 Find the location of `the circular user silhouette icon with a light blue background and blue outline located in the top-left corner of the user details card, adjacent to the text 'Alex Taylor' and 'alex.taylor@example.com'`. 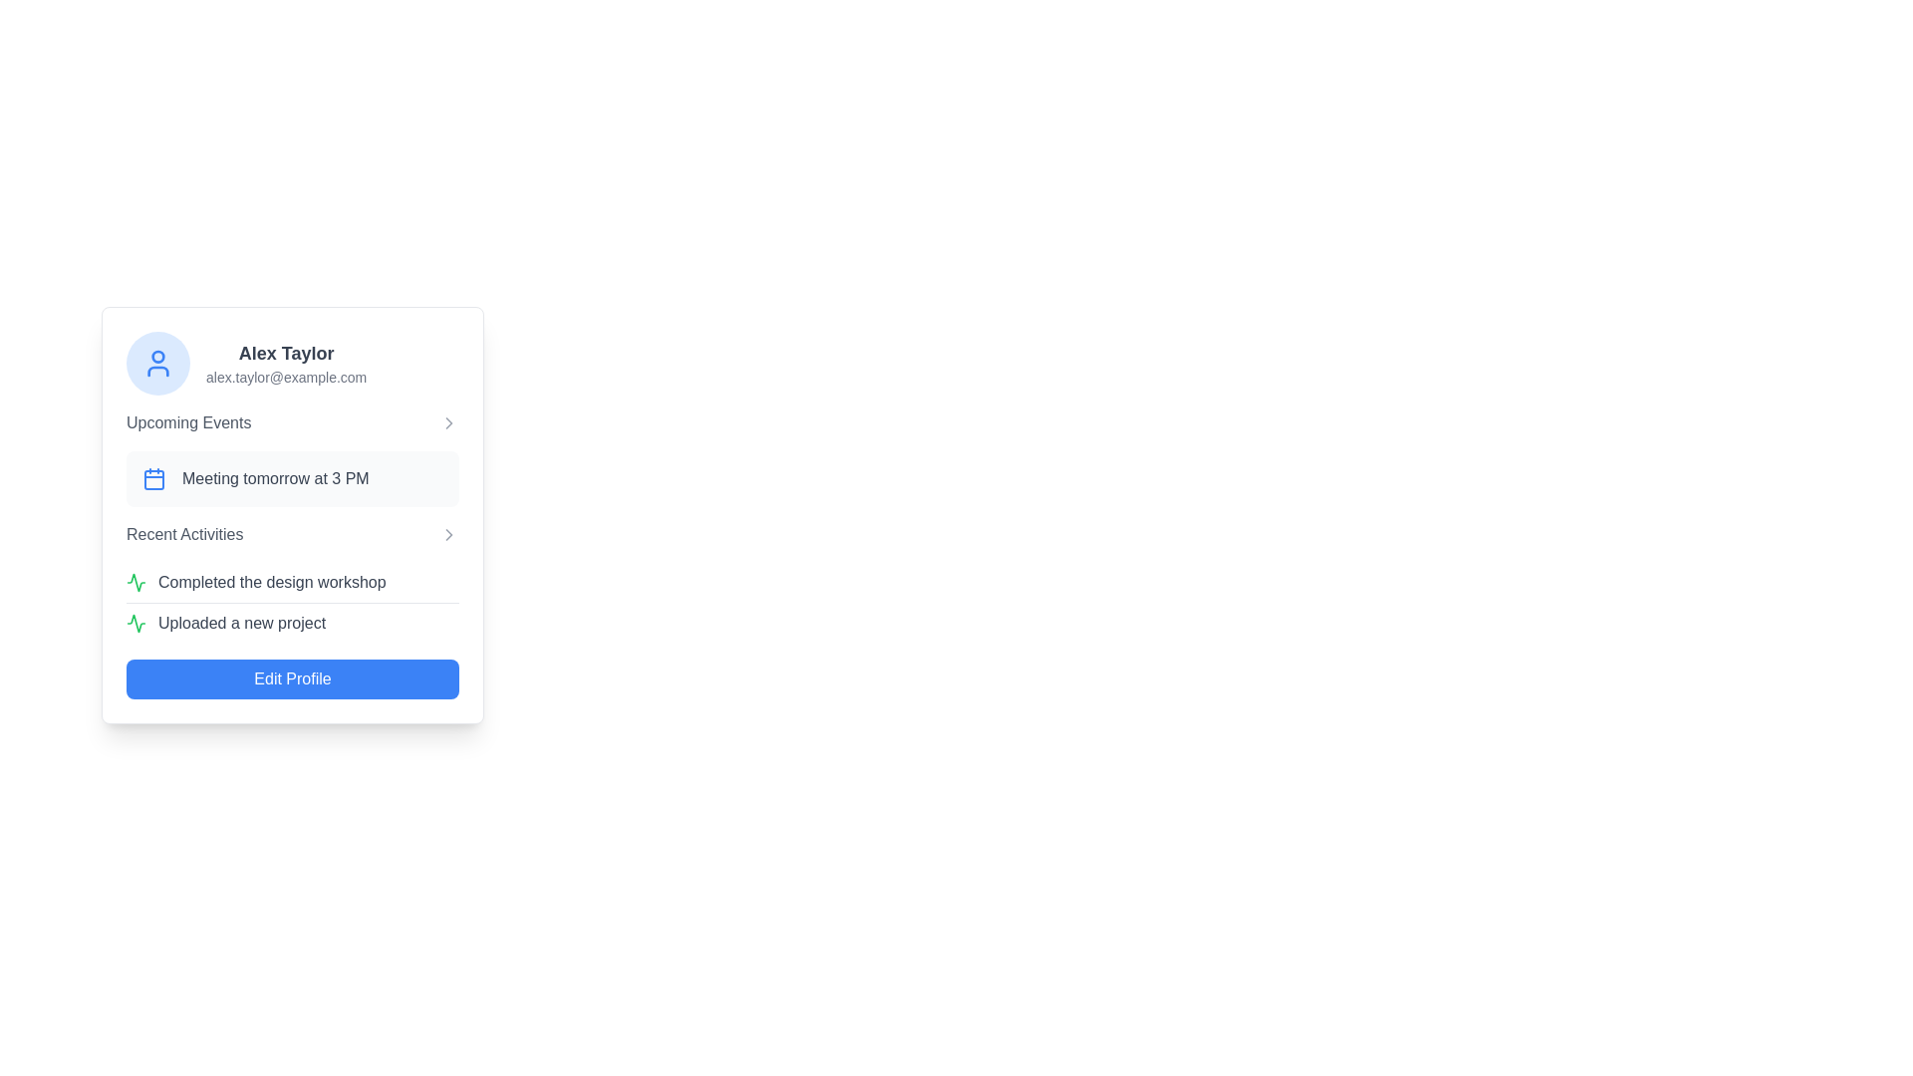

the circular user silhouette icon with a light blue background and blue outline located in the top-left corner of the user details card, adjacent to the text 'Alex Taylor' and 'alex.taylor@example.com' is located at coordinates (156, 364).